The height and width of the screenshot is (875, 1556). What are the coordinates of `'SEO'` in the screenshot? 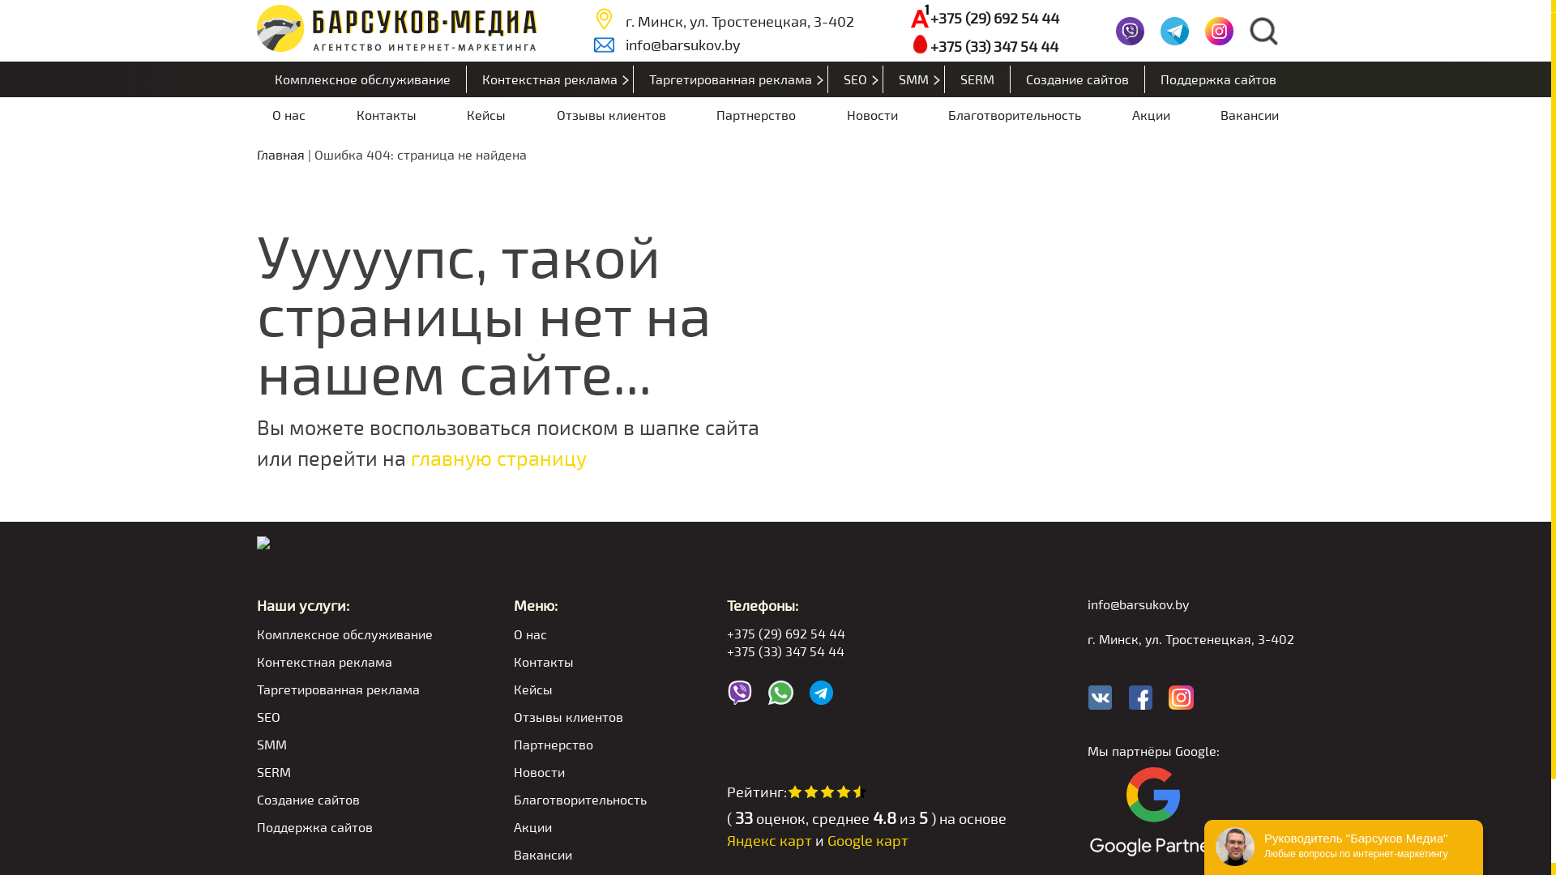 It's located at (855, 79).